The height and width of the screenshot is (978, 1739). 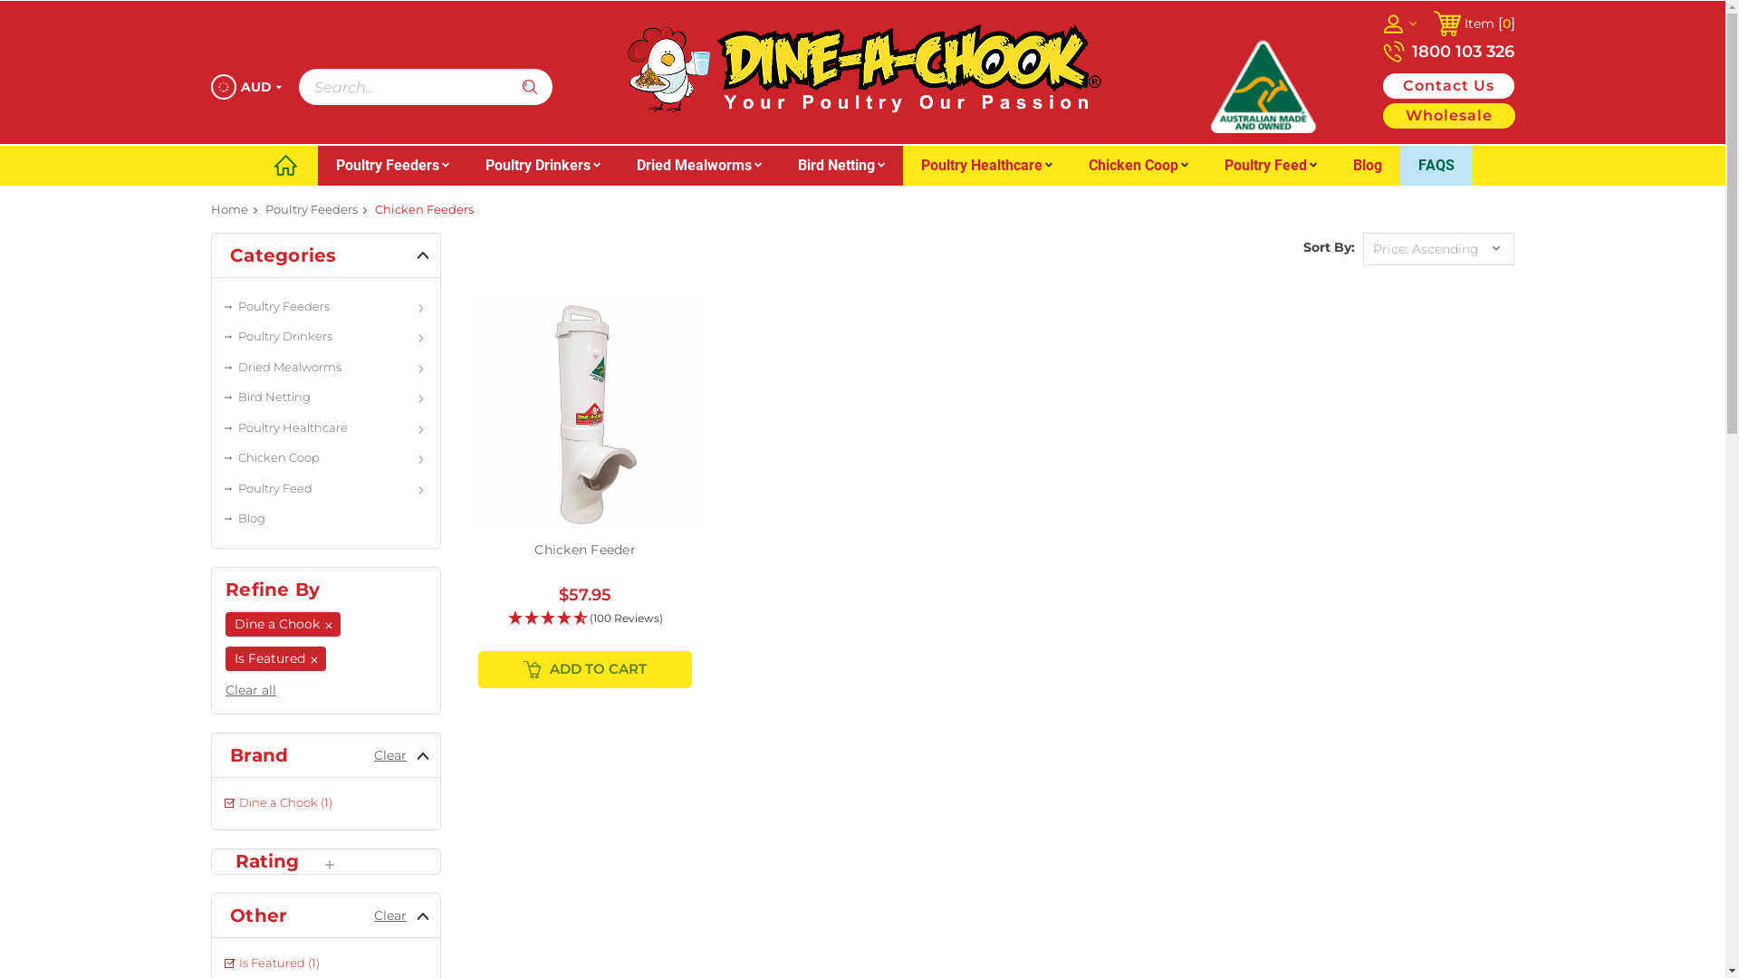 What do you see at coordinates (372, 754) in the screenshot?
I see `'Clear'` at bounding box center [372, 754].